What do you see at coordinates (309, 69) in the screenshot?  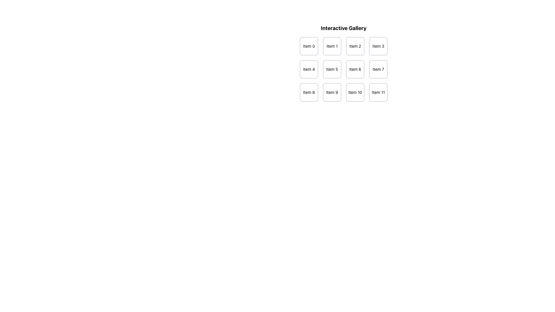 I see `the Text Label displaying 'Item 4', located in the middle row and first column of the grid layout` at bounding box center [309, 69].